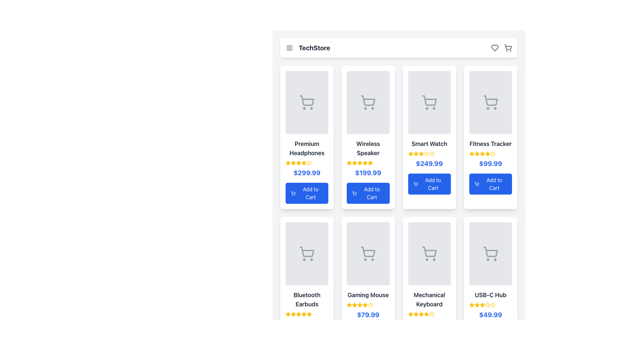 This screenshot has height=355, width=631. I want to click on the second star icon in the five-star rating system within the 'Fitness Tracker' card to indicate a rating, so click(477, 154).